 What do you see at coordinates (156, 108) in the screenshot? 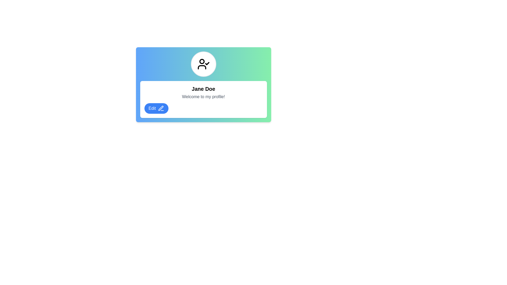
I see `the rounded rectangular 'Edit' button with a blue background and pen icon located at the bottom left of the card component` at bounding box center [156, 108].